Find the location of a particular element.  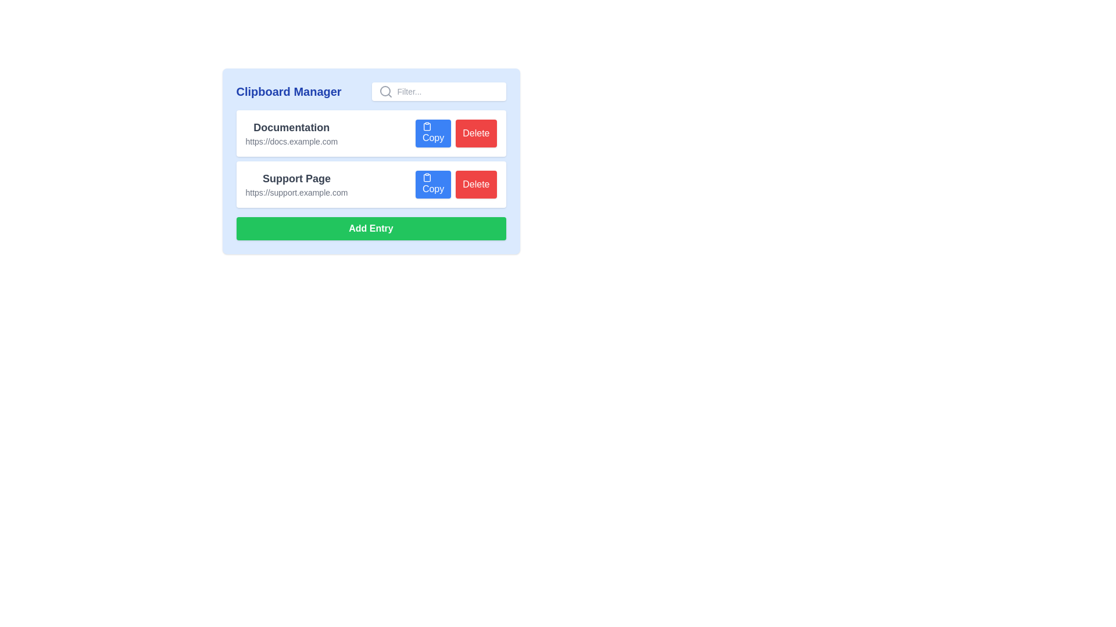

the blue rectangular 'Copy' button with rounded corners, located next to the 'Documentation' text is located at coordinates (432, 133).